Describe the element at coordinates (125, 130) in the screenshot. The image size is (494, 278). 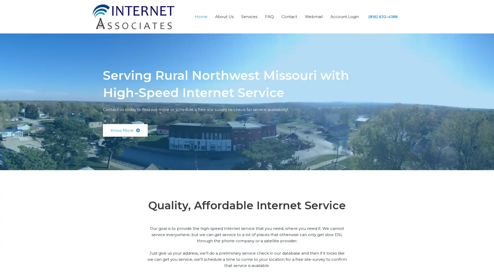
I see `Know More` at that location.